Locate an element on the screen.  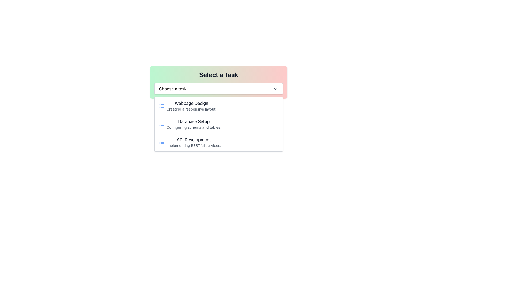
the first list item under the 'Select a Task' dropdown is located at coordinates (218, 106).